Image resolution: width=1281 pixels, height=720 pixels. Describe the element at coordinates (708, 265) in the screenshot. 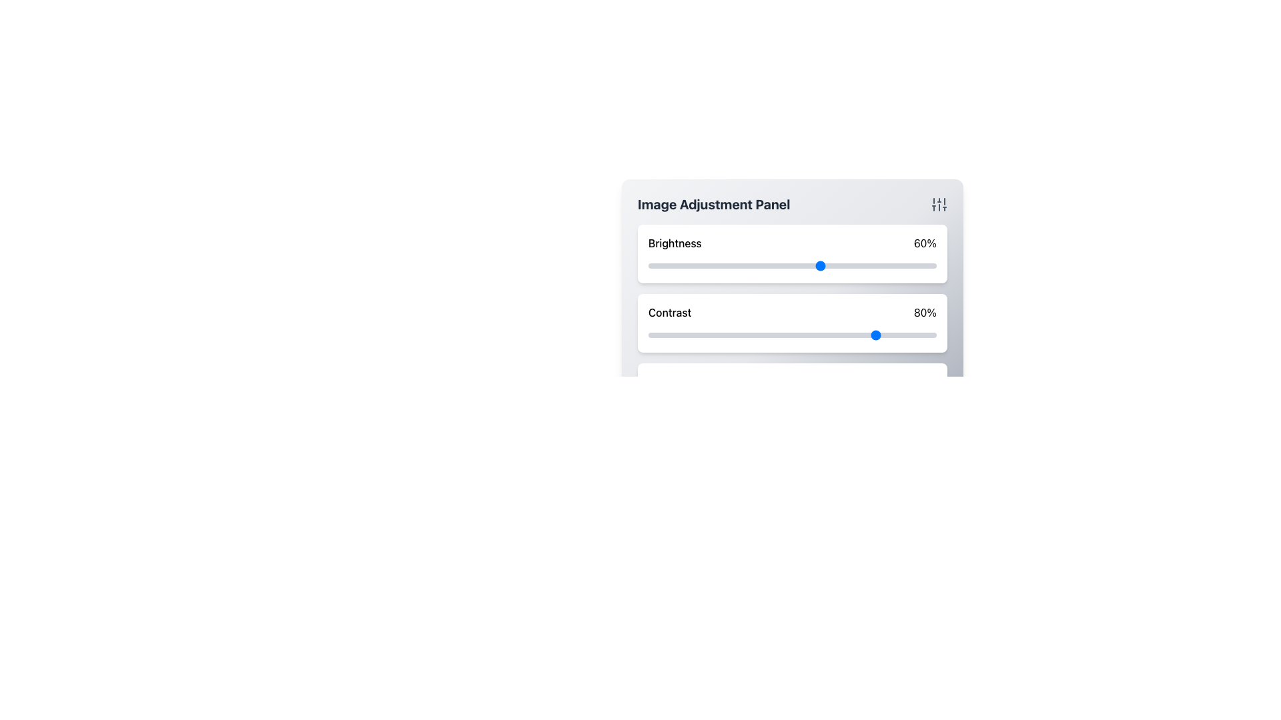

I see `the brightness` at that location.